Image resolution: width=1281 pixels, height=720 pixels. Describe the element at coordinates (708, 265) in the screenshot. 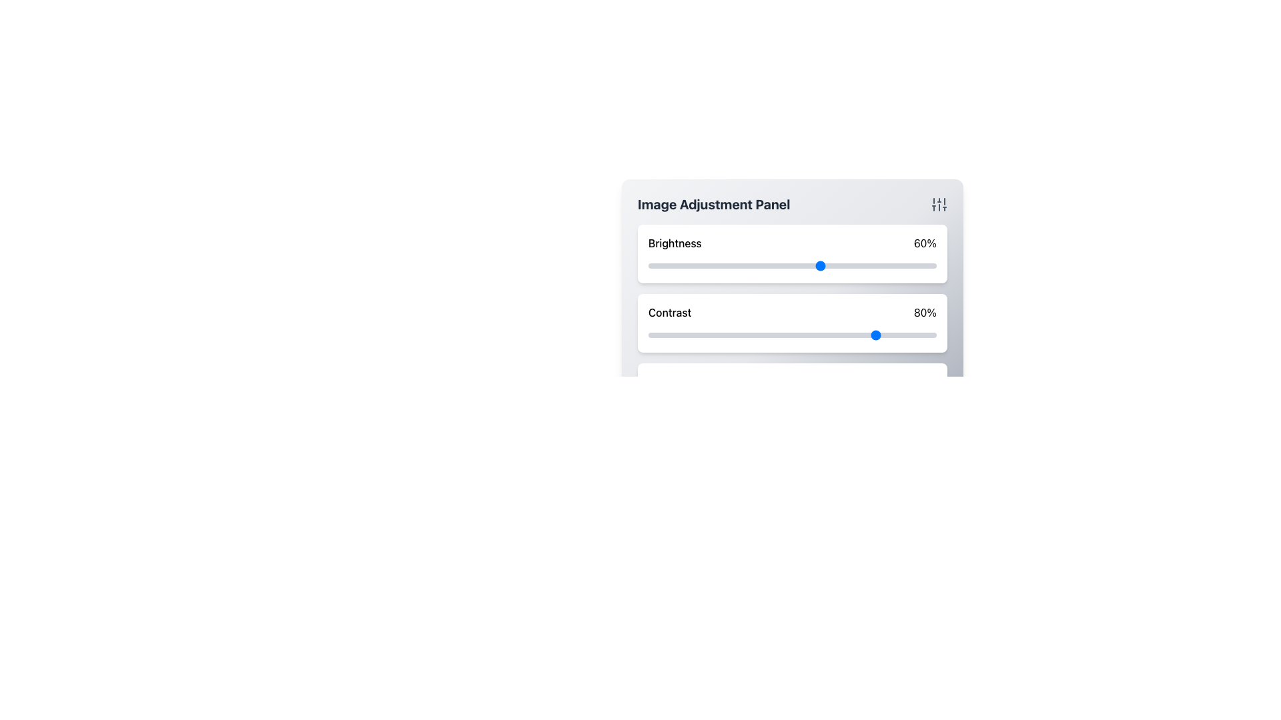

I see `the brightness` at that location.